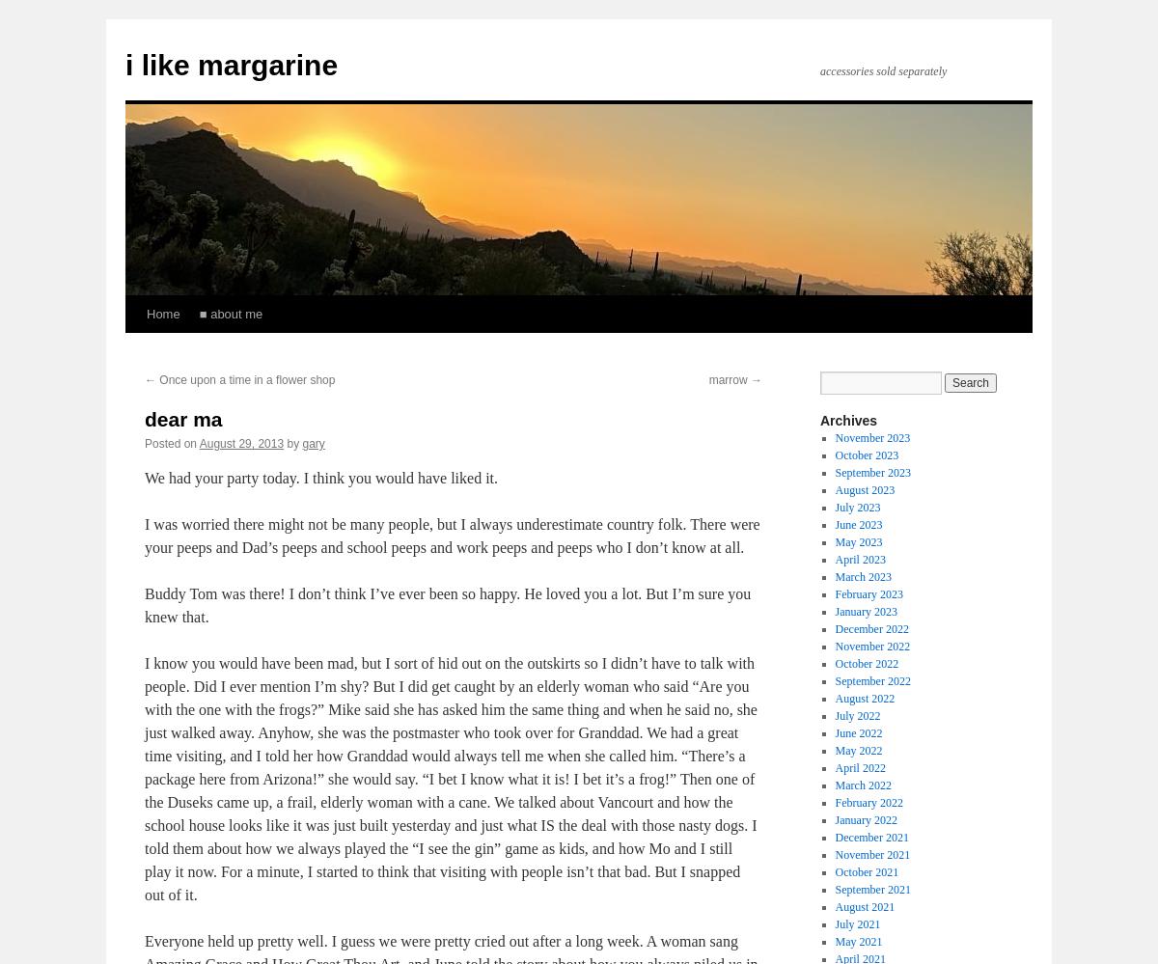  Describe the element at coordinates (865, 610) in the screenshot. I see `'January 2023'` at that location.